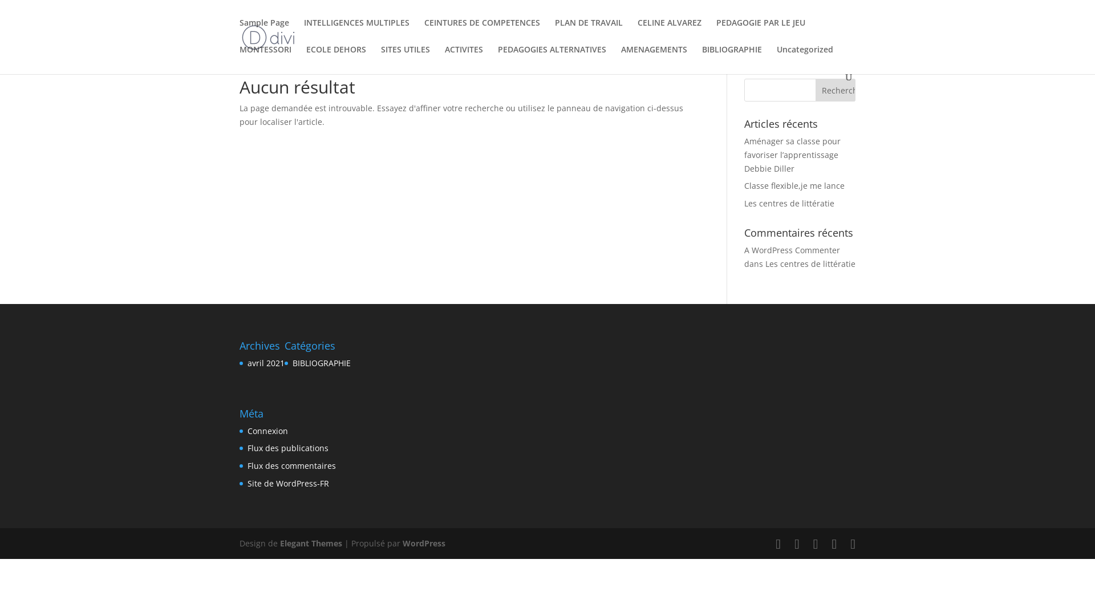 Image resolution: width=1095 pixels, height=616 pixels. I want to click on 'BIBLIOGRAPHIE', so click(321, 363).